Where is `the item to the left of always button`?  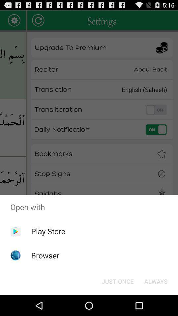
the item to the left of always button is located at coordinates (117, 281).